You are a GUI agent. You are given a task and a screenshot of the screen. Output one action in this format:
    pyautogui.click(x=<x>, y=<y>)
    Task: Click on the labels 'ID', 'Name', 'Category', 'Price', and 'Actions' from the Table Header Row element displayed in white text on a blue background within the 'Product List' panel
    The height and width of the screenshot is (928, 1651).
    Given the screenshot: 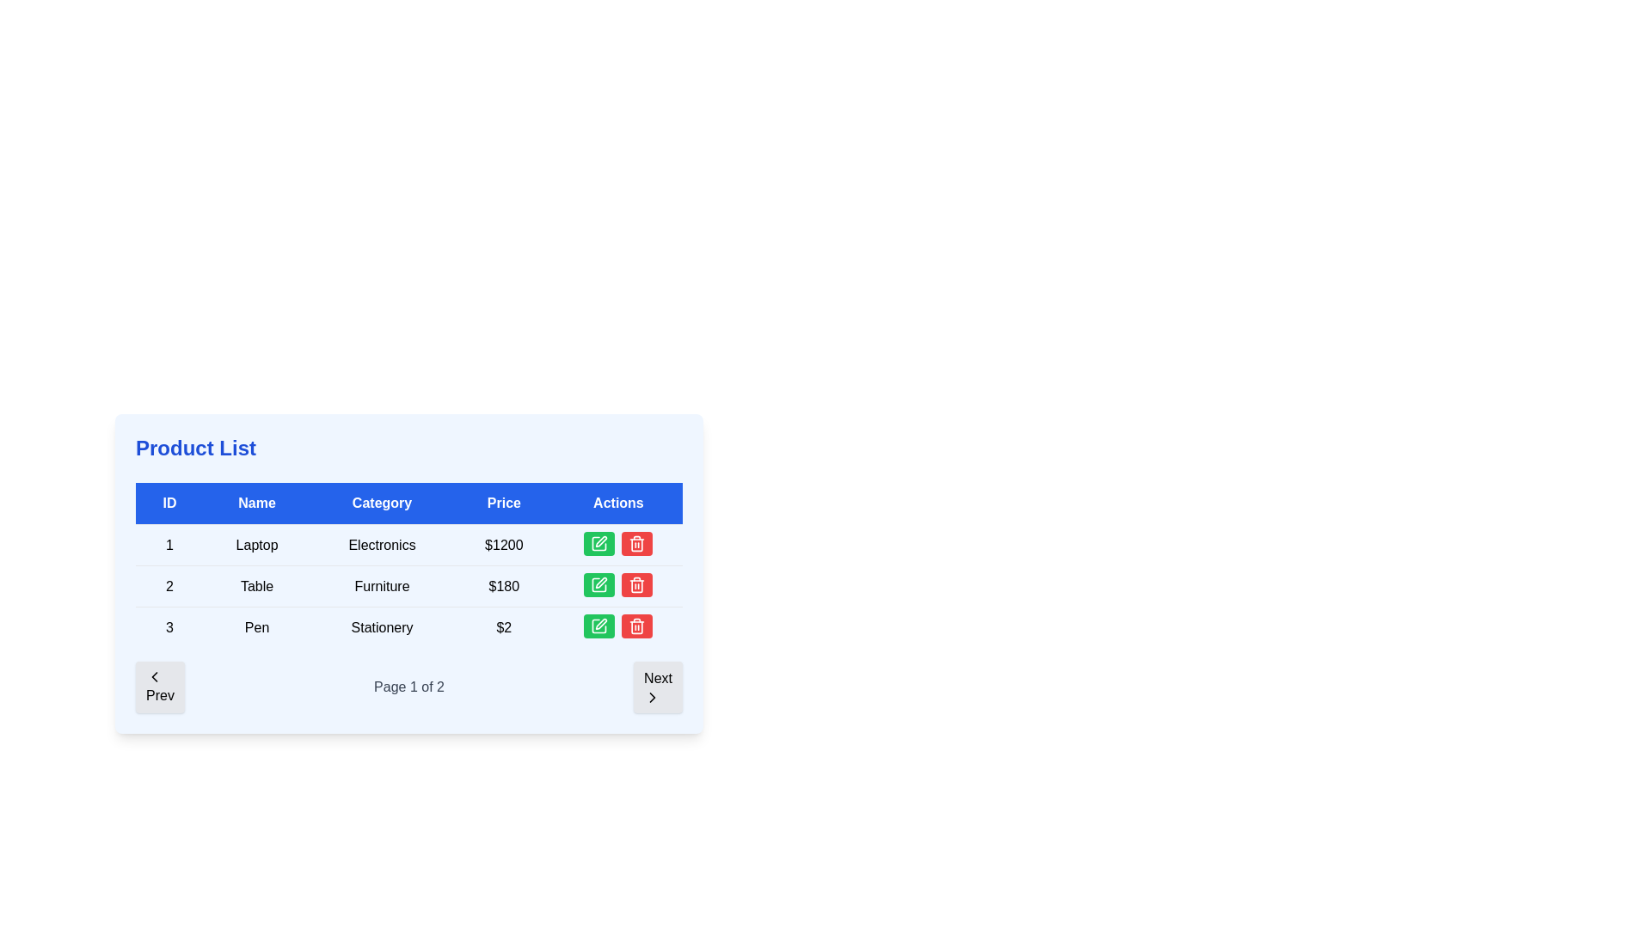 What is the action you would take?
    pyautogui.click(x=408, y=503)
    